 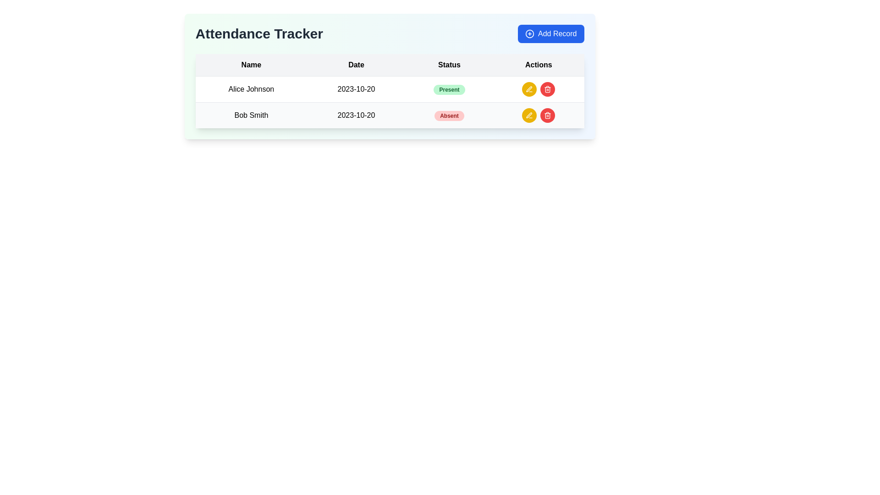 What do you see at coordinates (356, 65) in the screenshot?
I see `the 'Date' table header, which is the second column header in a four-column table, displaying the text in black on a light gray background` at bounding box center [356, 65].